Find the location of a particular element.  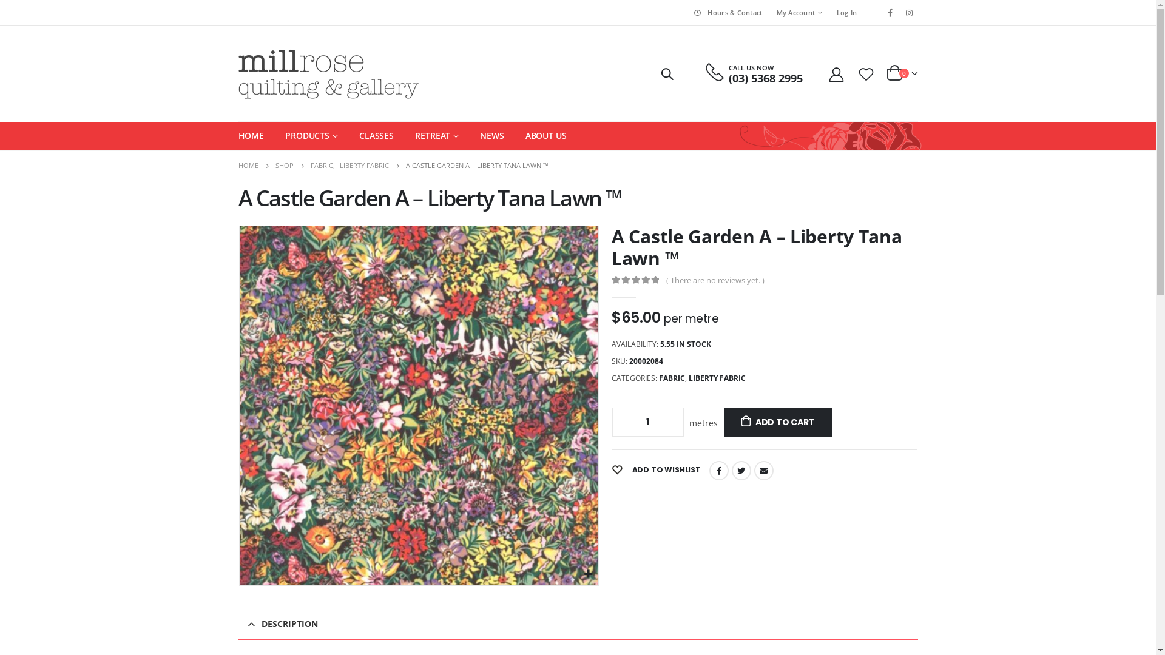

'Twitter' is located at coordinates (731, 469).